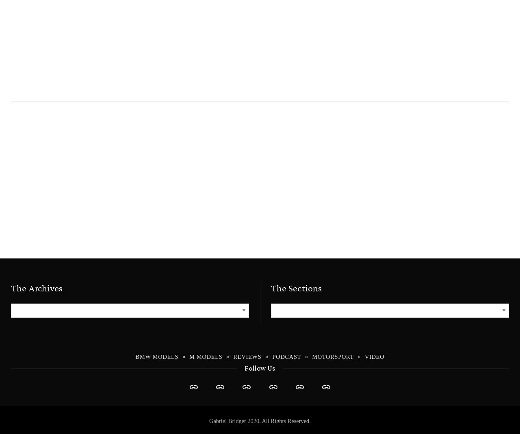 The image size is (520, 434). Describe the element at coordinates (333, 356) in the screenshot. I see `'Motorsport'` at that location.